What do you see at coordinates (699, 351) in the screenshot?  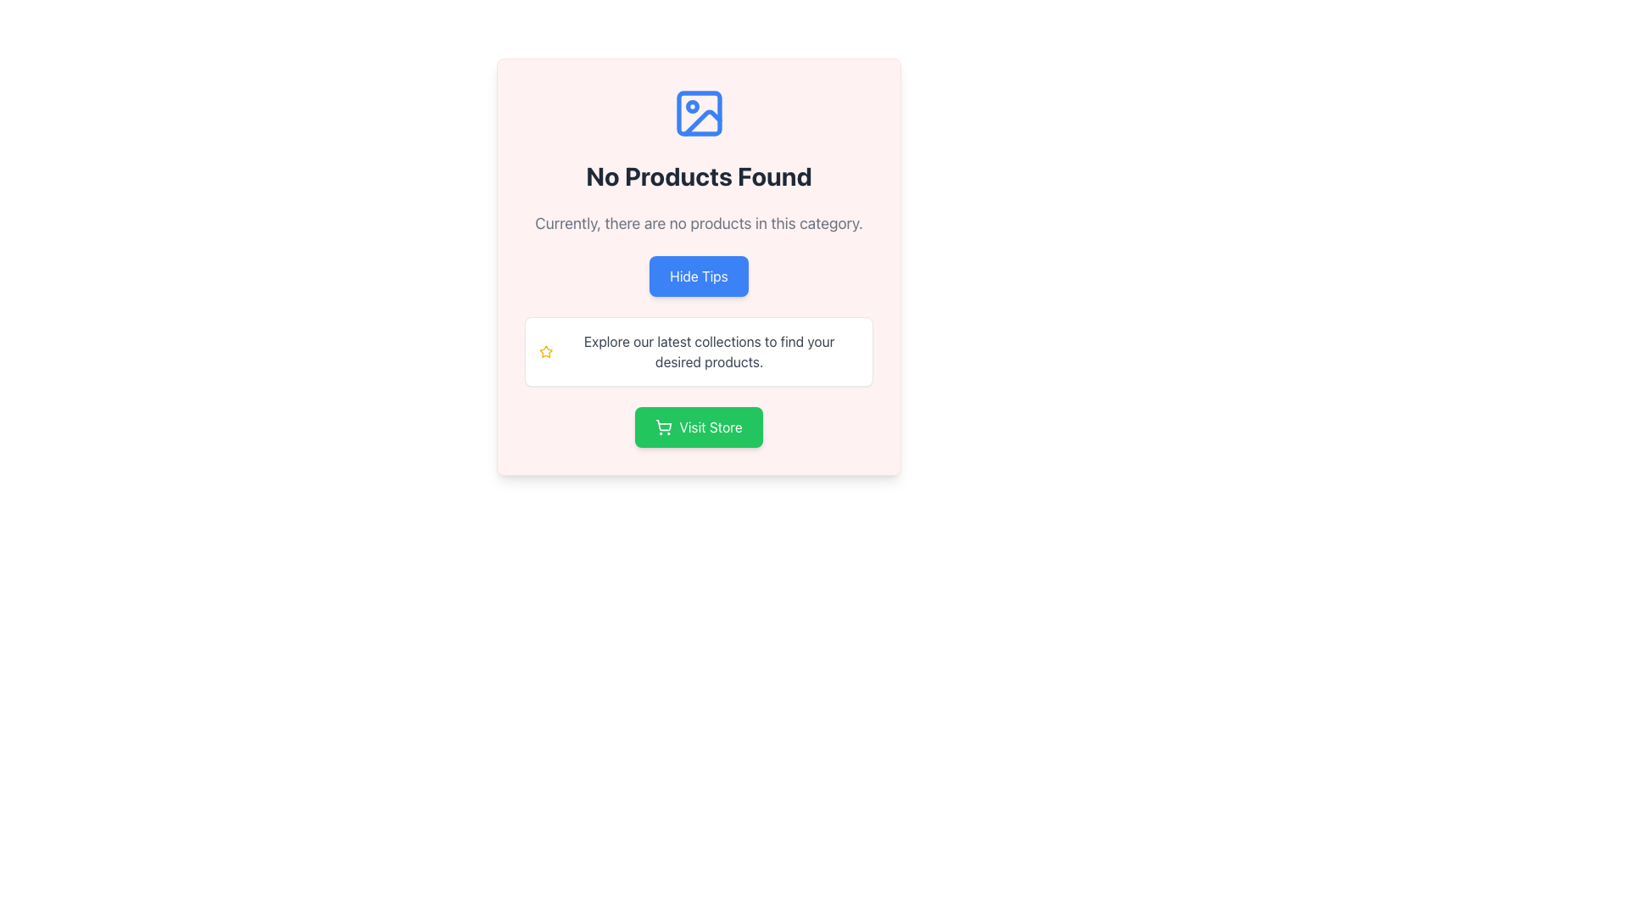 I see `the Static Text with Icon element that displays the message 'Explore our latest collections to find your desired products.'` at bounding box center [699, 351].